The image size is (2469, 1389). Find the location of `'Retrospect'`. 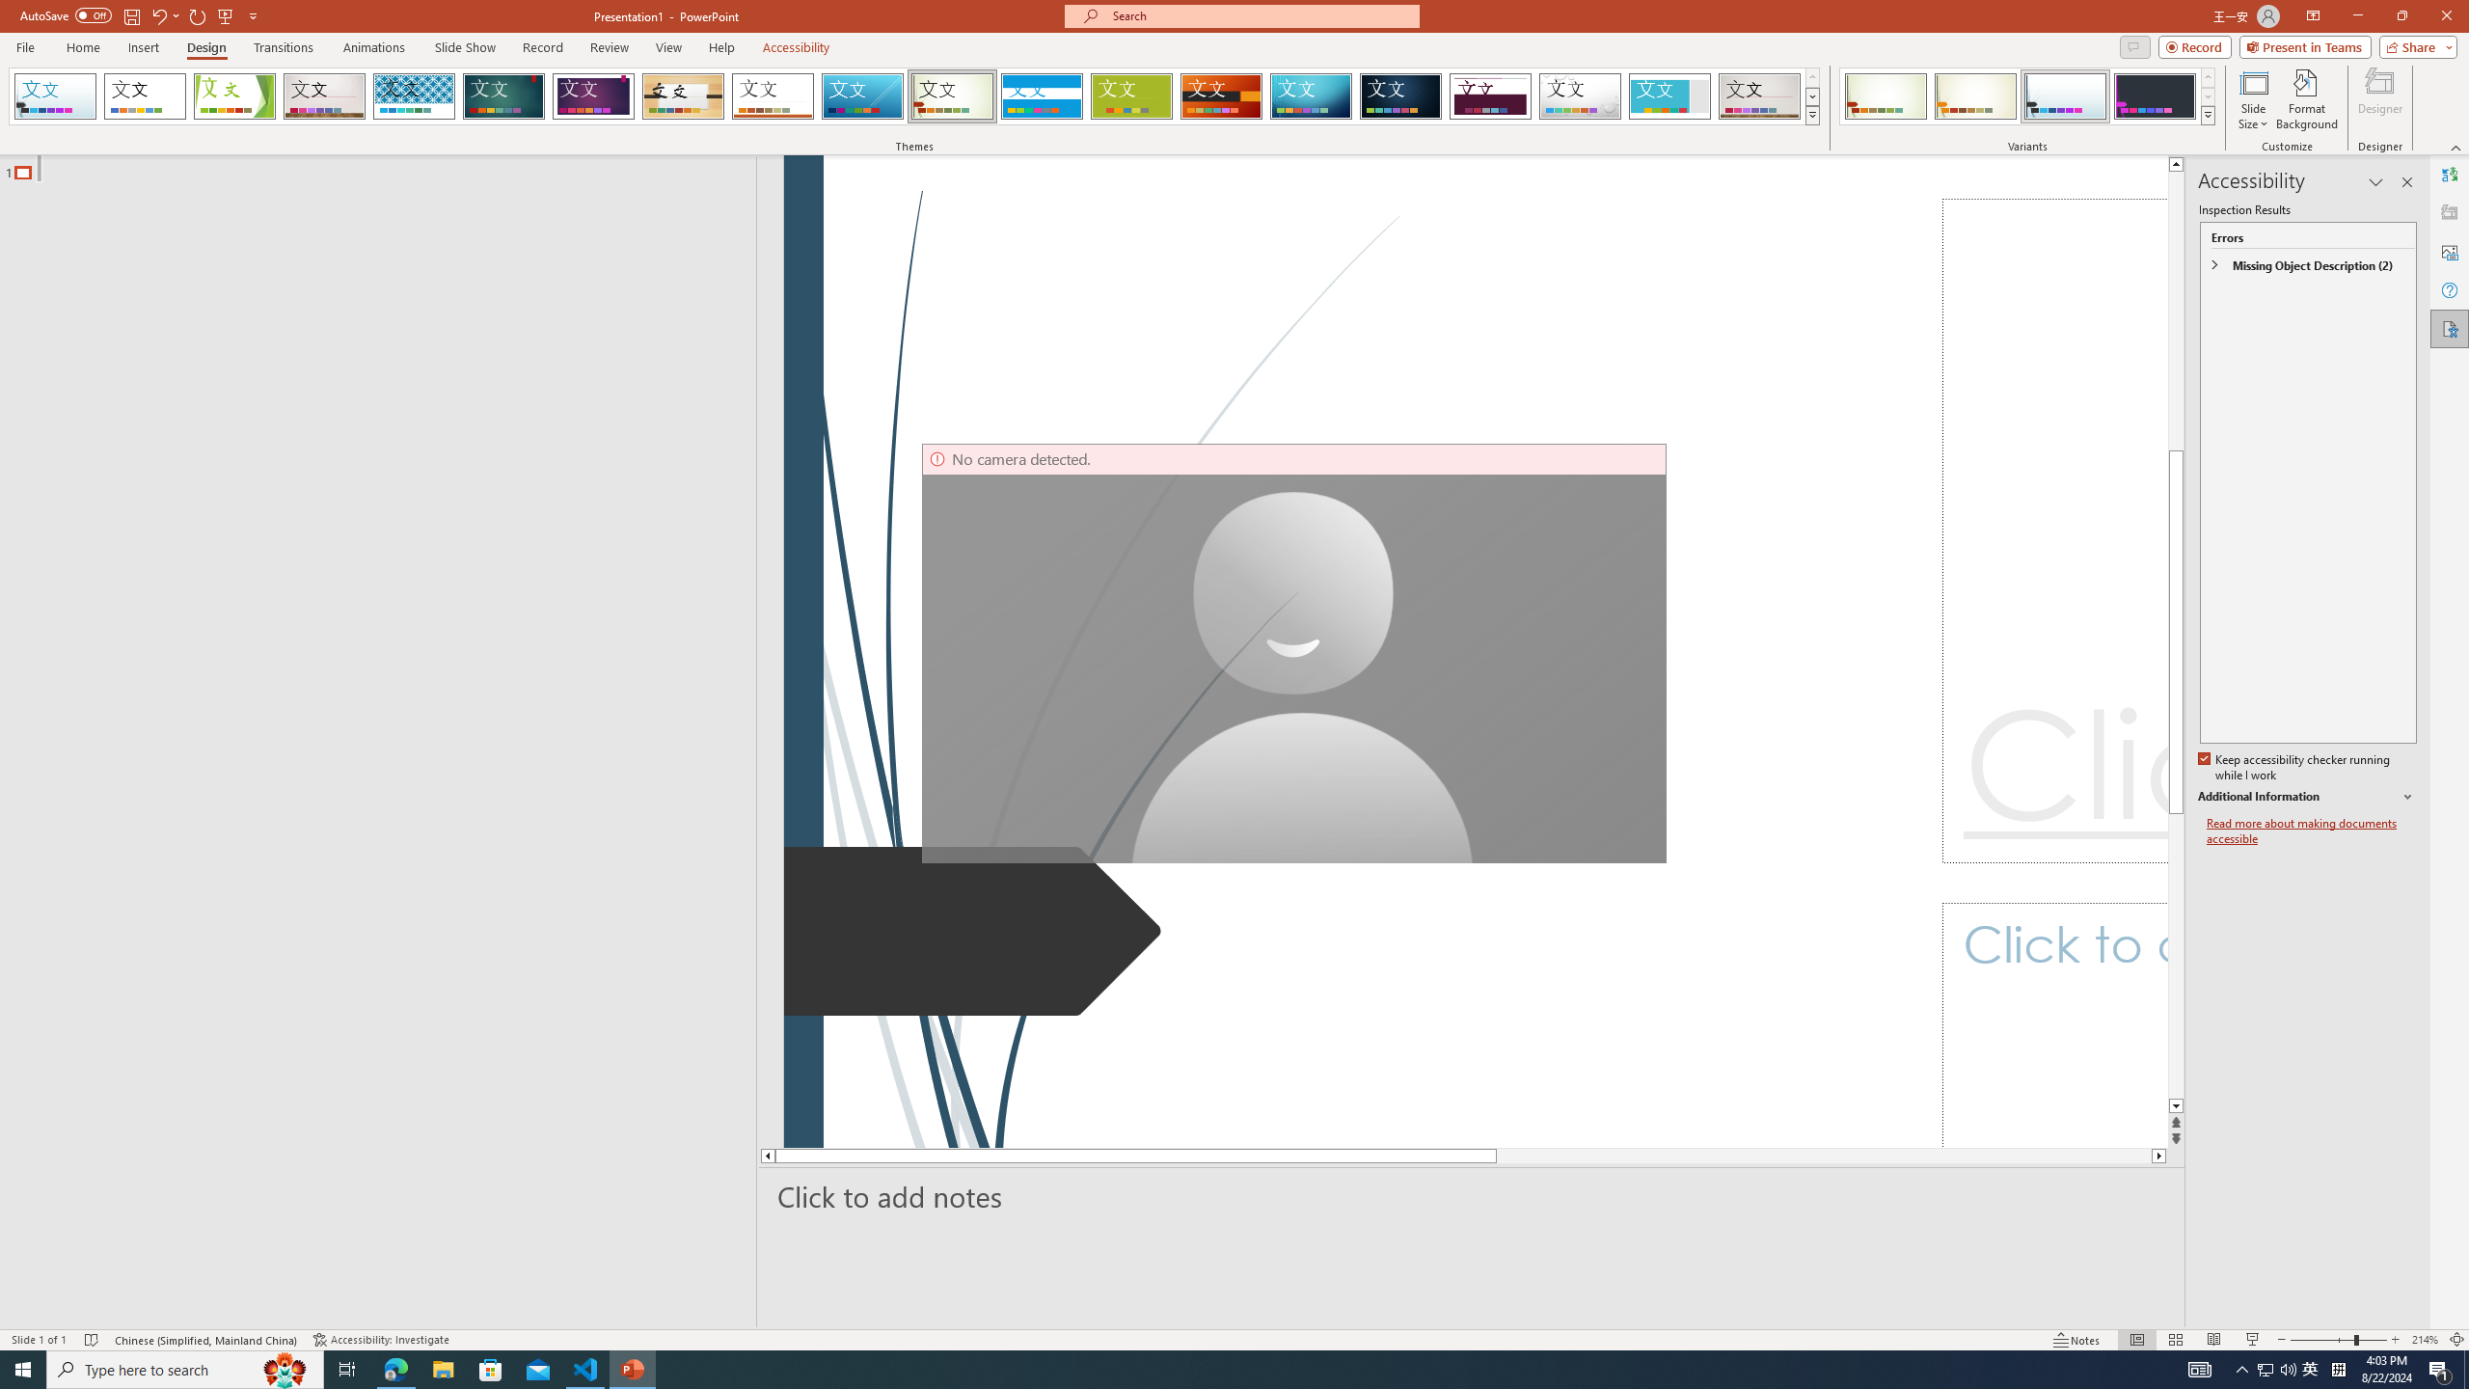

'Retrospect' is located at coordinates (772, 95).